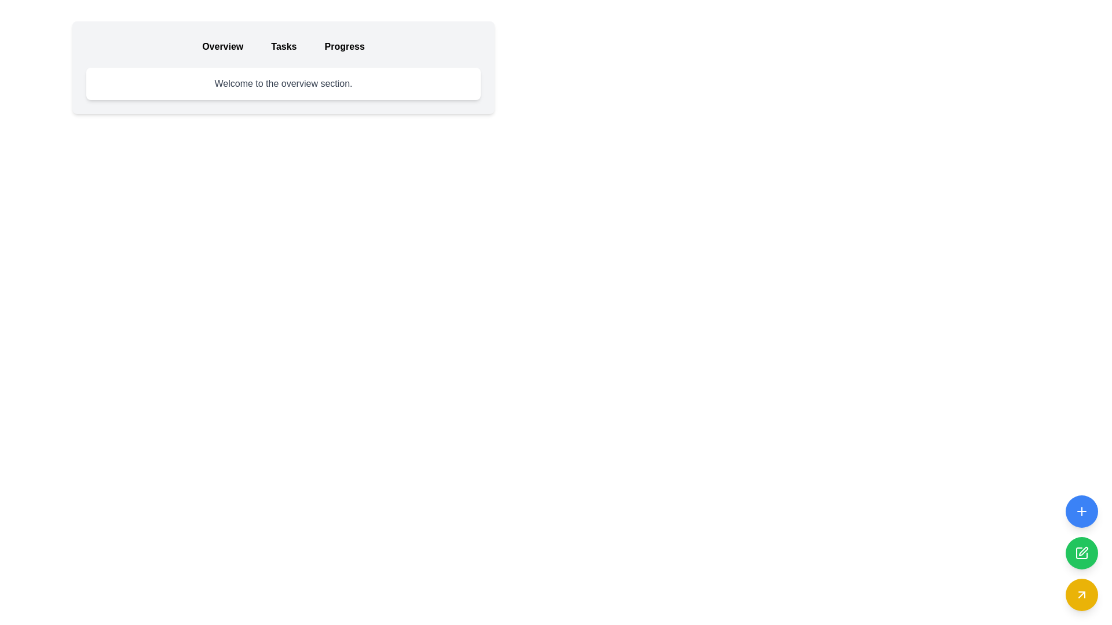 The height and width of the screenshot is (625, 1112). Describe the element at coordinates (283, 83) in the screenshot. I see `content from the rectangular text box with a white background and gray text that says 'Welcome to the overview section.'` at that location.